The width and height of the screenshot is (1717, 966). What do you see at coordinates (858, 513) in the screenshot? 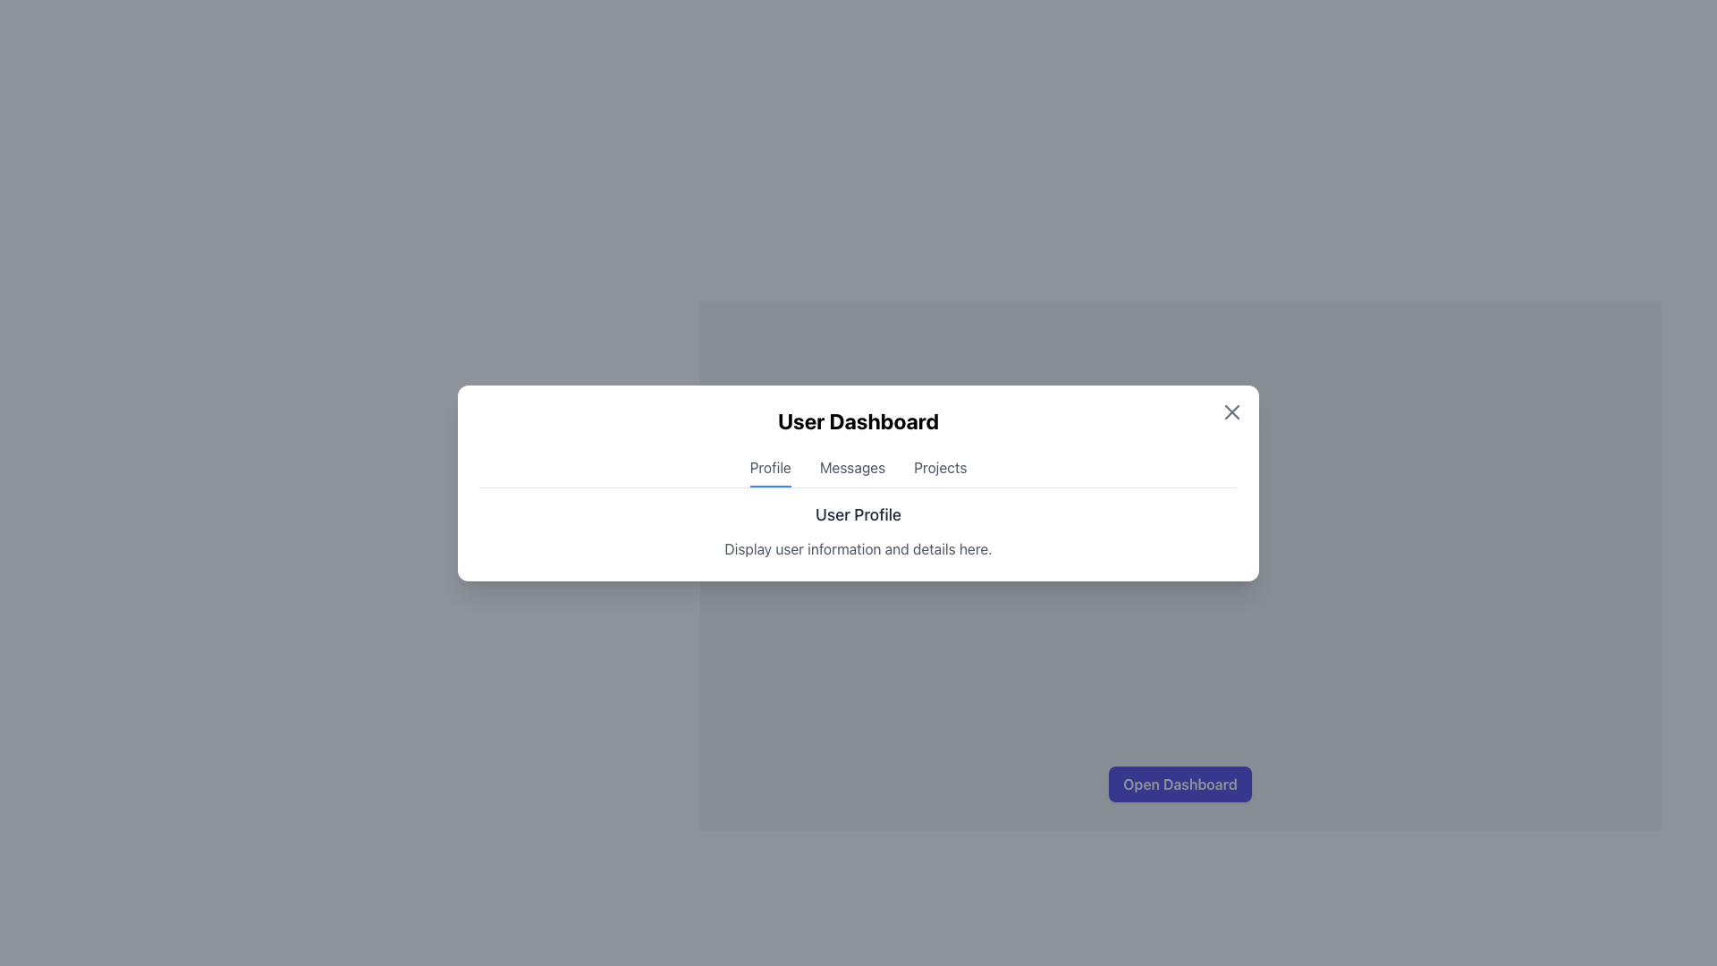
I see `the Text Label that serves as a header for the user profile section, positioned above the user information text and below the navigation bar` at bounding box center [858, 513].